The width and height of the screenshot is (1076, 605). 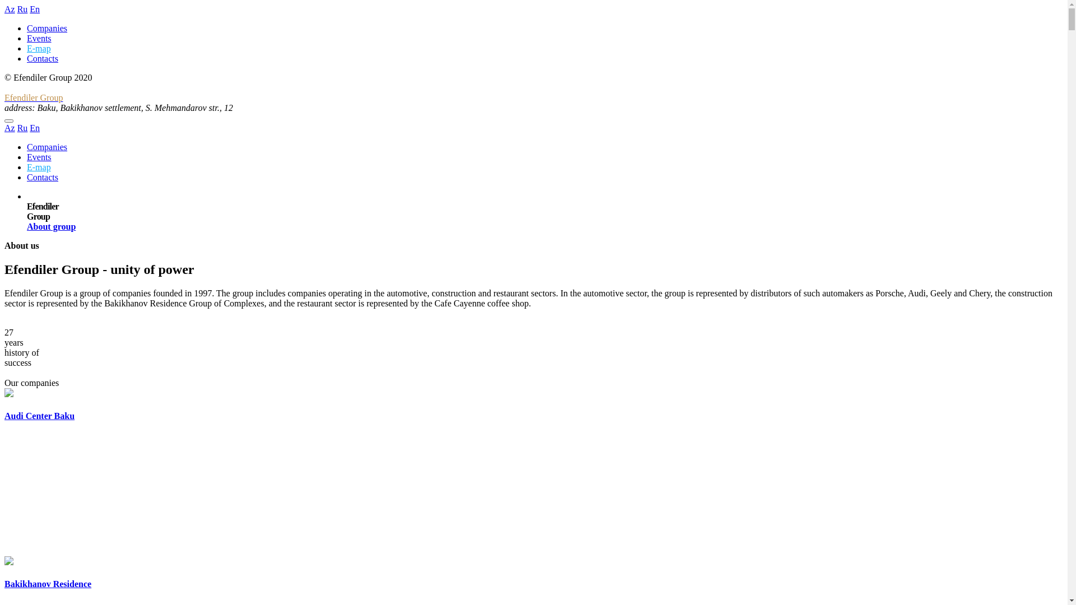 What do you see at coordinates (50, 226) in the screenshot?
I see `'About group'` at bounding box center [50, 226].